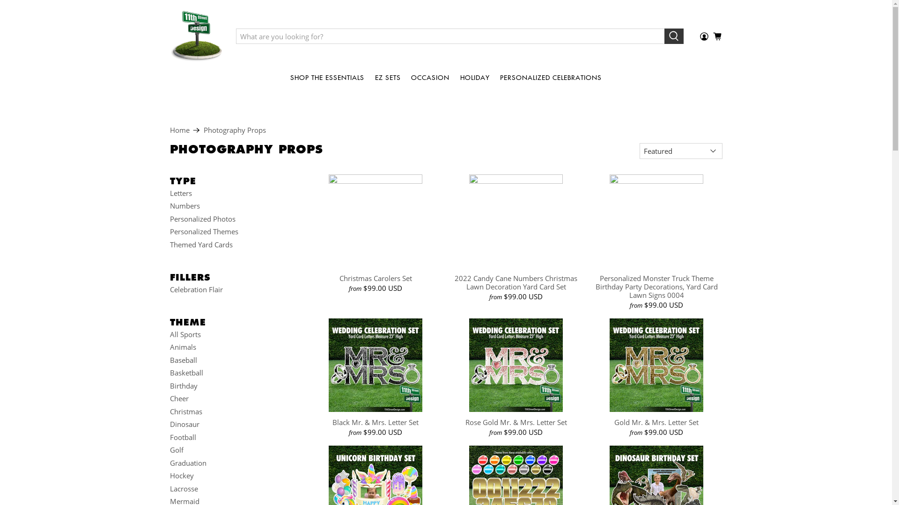  What do you see at coordinates (474, 77) in the screenshot?
I see `'HOLIDAY'` at bounding box center [474, 77].